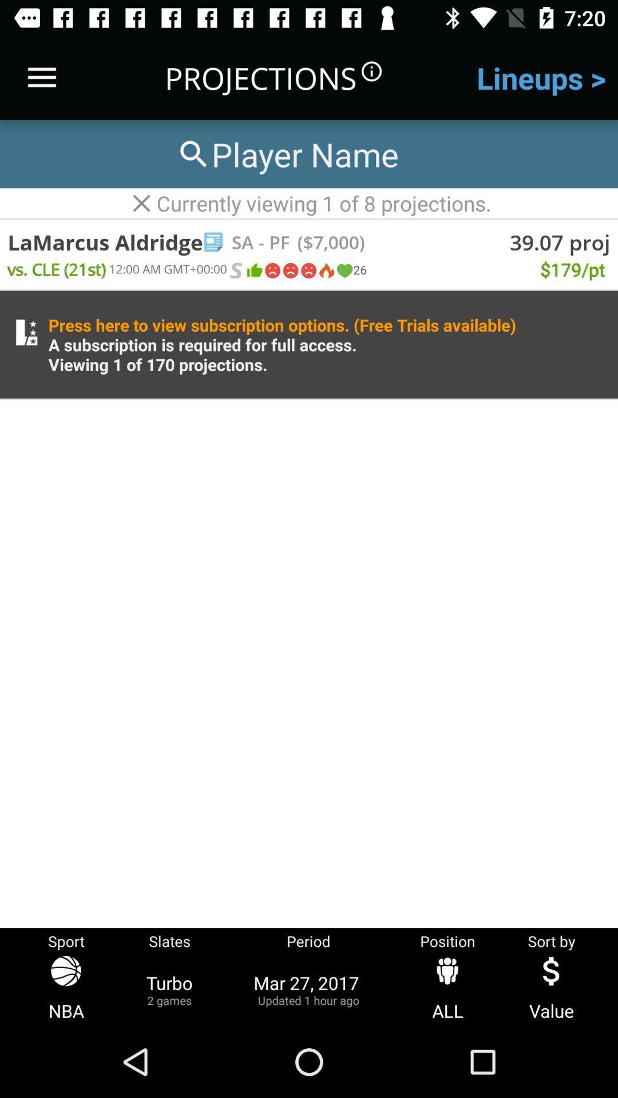 The height and width of the screenshot is (1098, 618). Describe the element at coordinates (307, 270) in the screenshot. I see `the icon below the  symbol` at that location.